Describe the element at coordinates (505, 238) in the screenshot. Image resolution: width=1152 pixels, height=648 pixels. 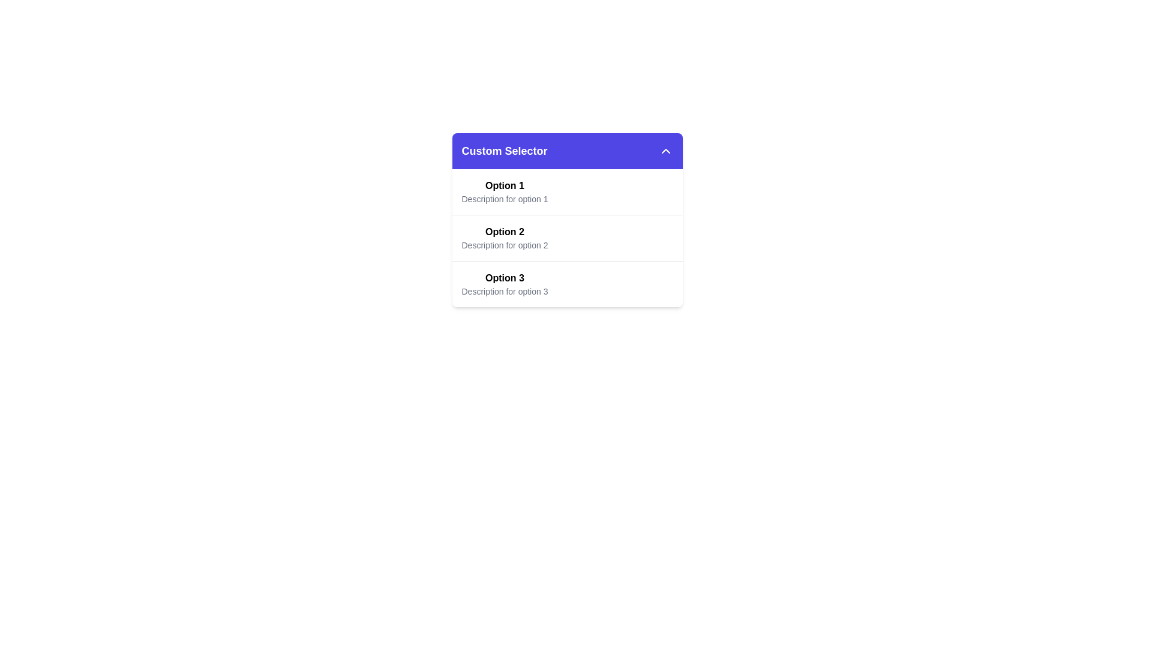
I see `the second entry in the 'Custom Selector' dropdown list, which is a Text block` at that location.